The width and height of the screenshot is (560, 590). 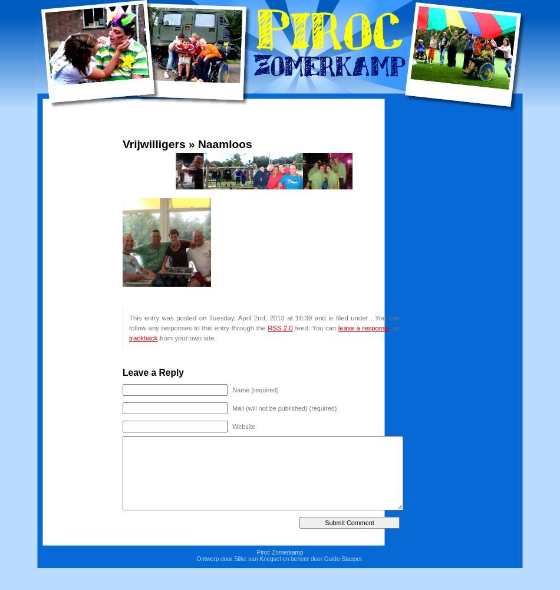 What do you see at coordinates (364, 327) in the screenshot?
I see `'leave a response'` at bounding box center [364, 327].